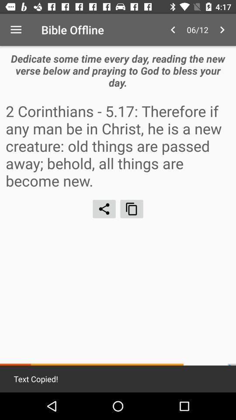  I want to click on the icon to the left of bible offline item, so click(16, 30).